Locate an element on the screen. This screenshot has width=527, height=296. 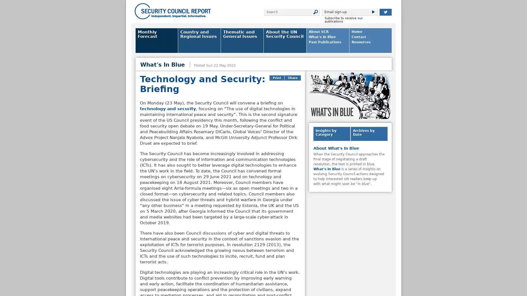
Submit is located at coordinates (315, 12).